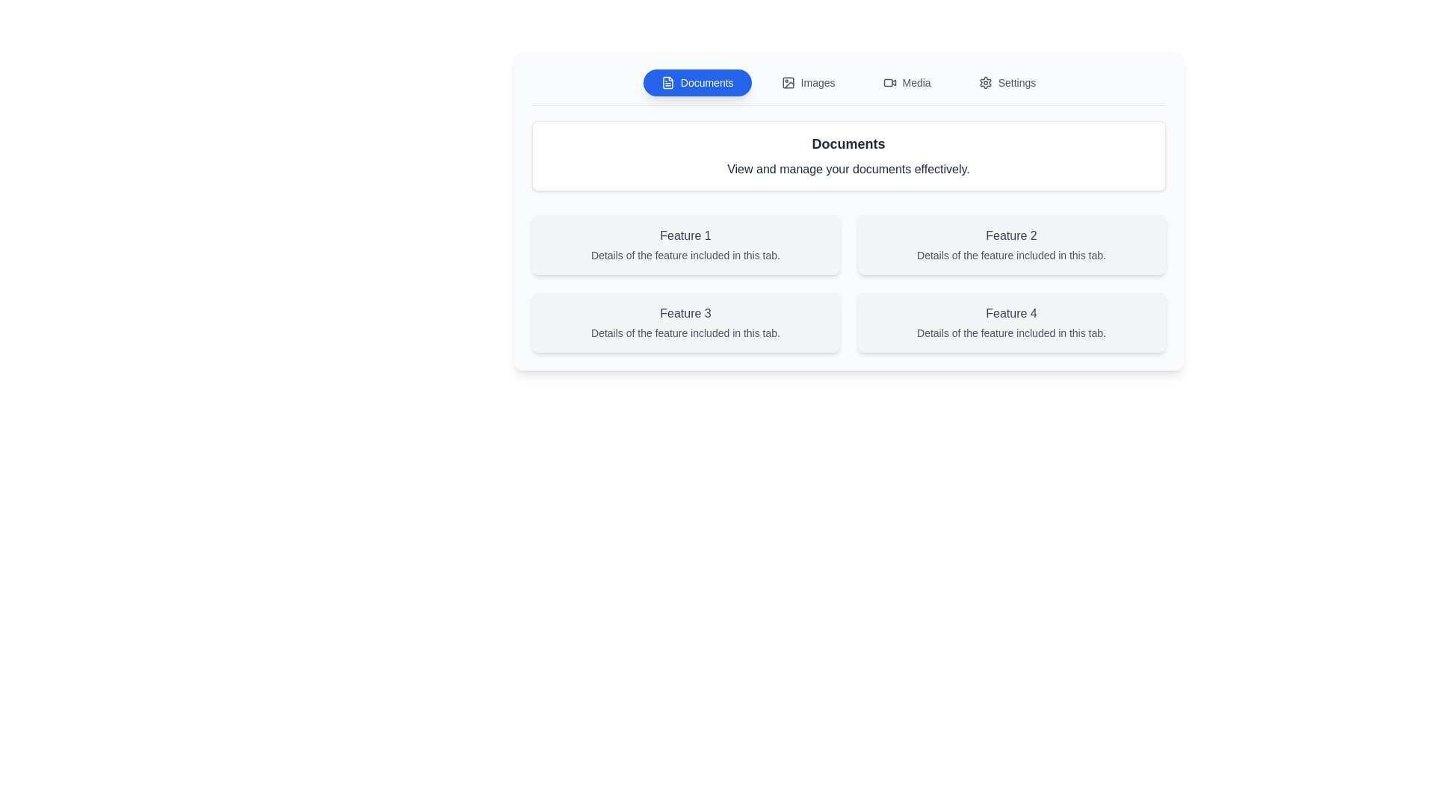 The height and width of the screenshot is (807, 1435). What do you see at coordinates (1016, 83) in the screenshot?
I see `settings label located in the navigation bar at the top right, adjacent to the gear icon` at bounding box center [1016, 83].